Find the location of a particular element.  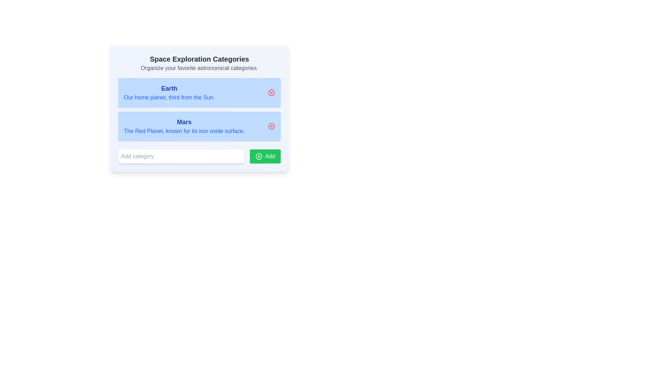

the circular icon button located at the right end inside the panel associated with 'Earth, Our home planet, third from the Sun.' is located at coordinates (271, 92).